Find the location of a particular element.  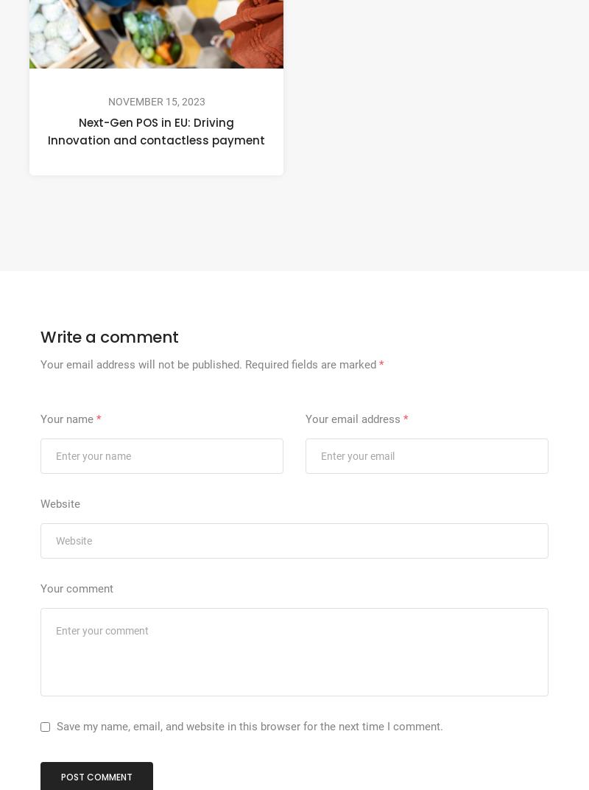

'Next-Gen POS in EU: Driving Innovation and contactless payment' is located at coordinates (156, 130).